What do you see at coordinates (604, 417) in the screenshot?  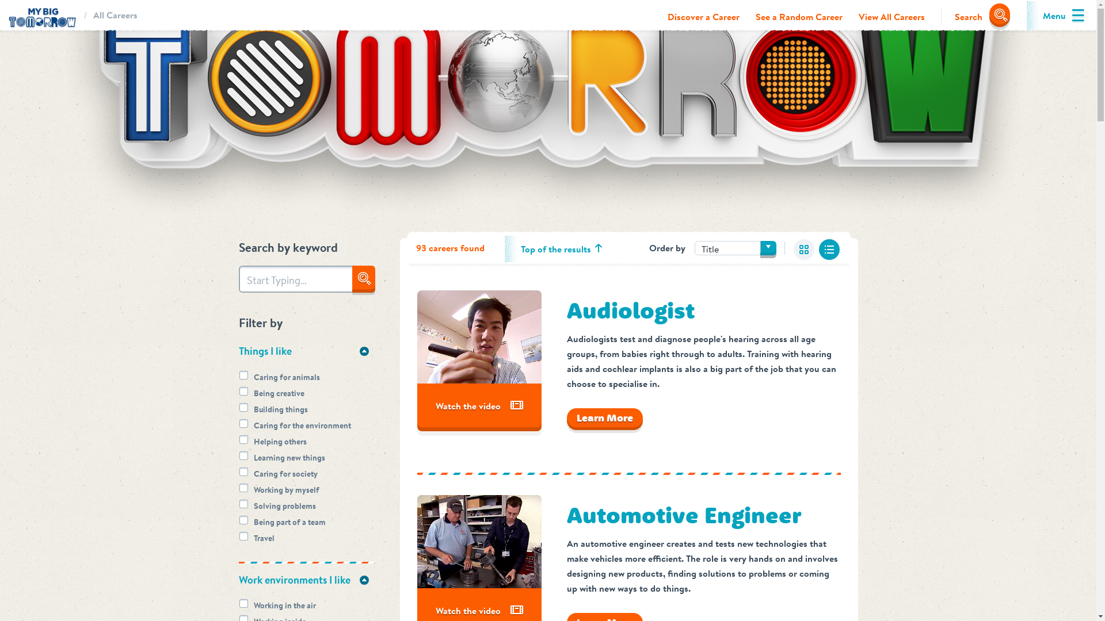 I see `'Learn More'` at bounding box center [604, 417].